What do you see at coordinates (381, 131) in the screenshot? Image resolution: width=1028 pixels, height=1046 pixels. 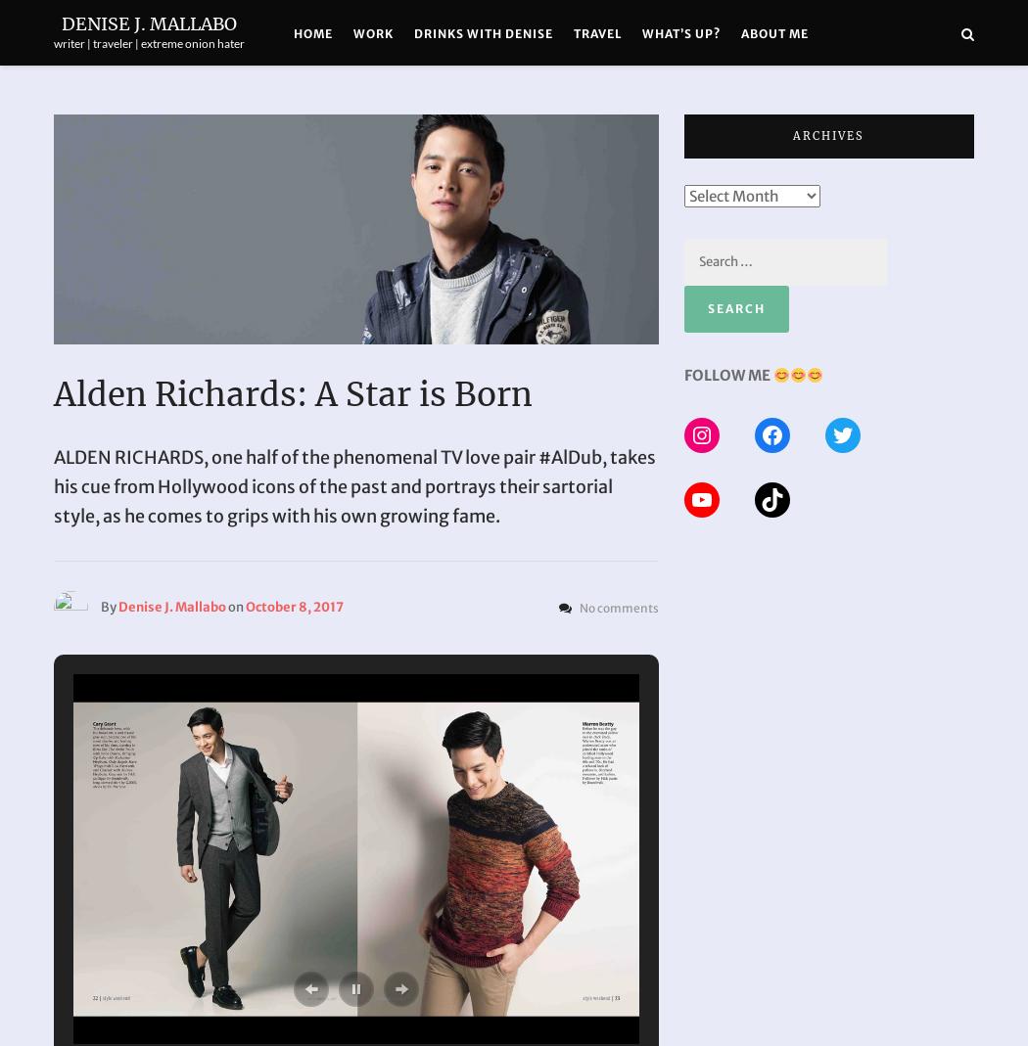 I see `'shoots'` at bounding box center [381, 131].